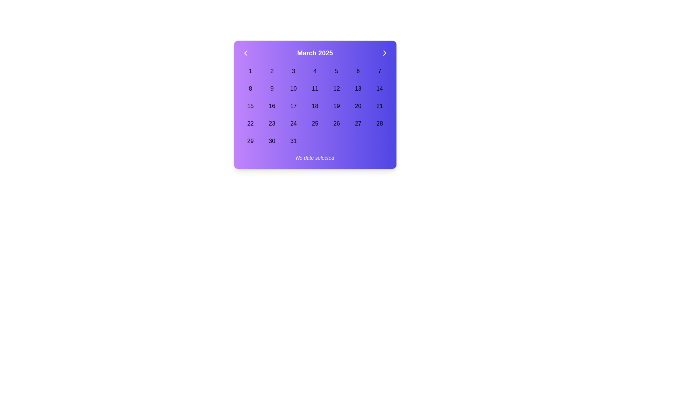  What do you see at coordinates (293, 88) in the screenshot?
I see `the rounded rectangular button displaying the number '10'` at bounding box center [293, 88].